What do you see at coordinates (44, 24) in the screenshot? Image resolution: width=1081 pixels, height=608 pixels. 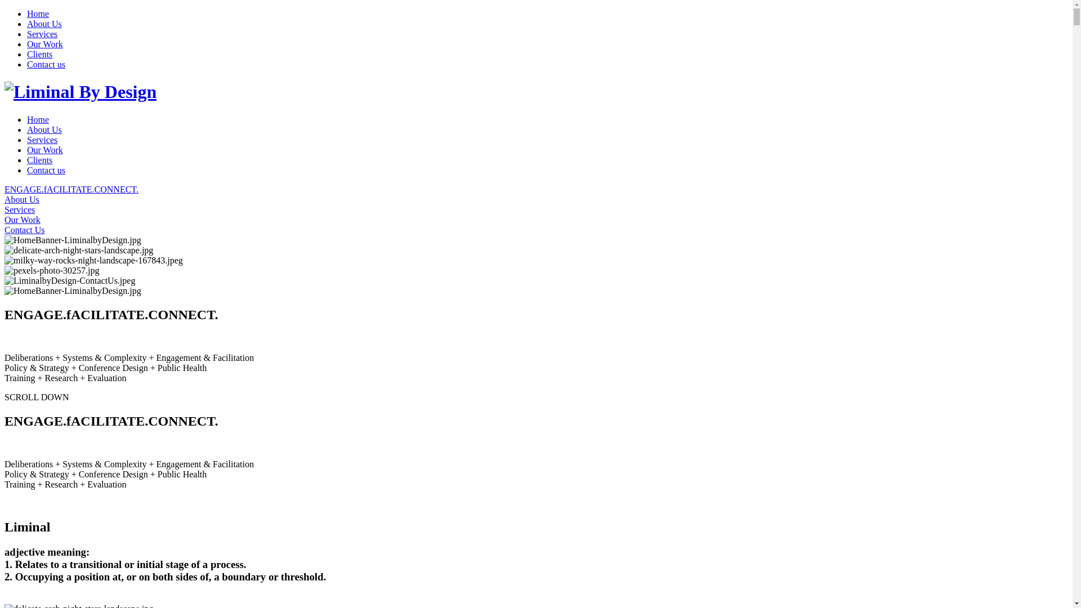 I see `'About Us'` at bounding box center [44, 24].